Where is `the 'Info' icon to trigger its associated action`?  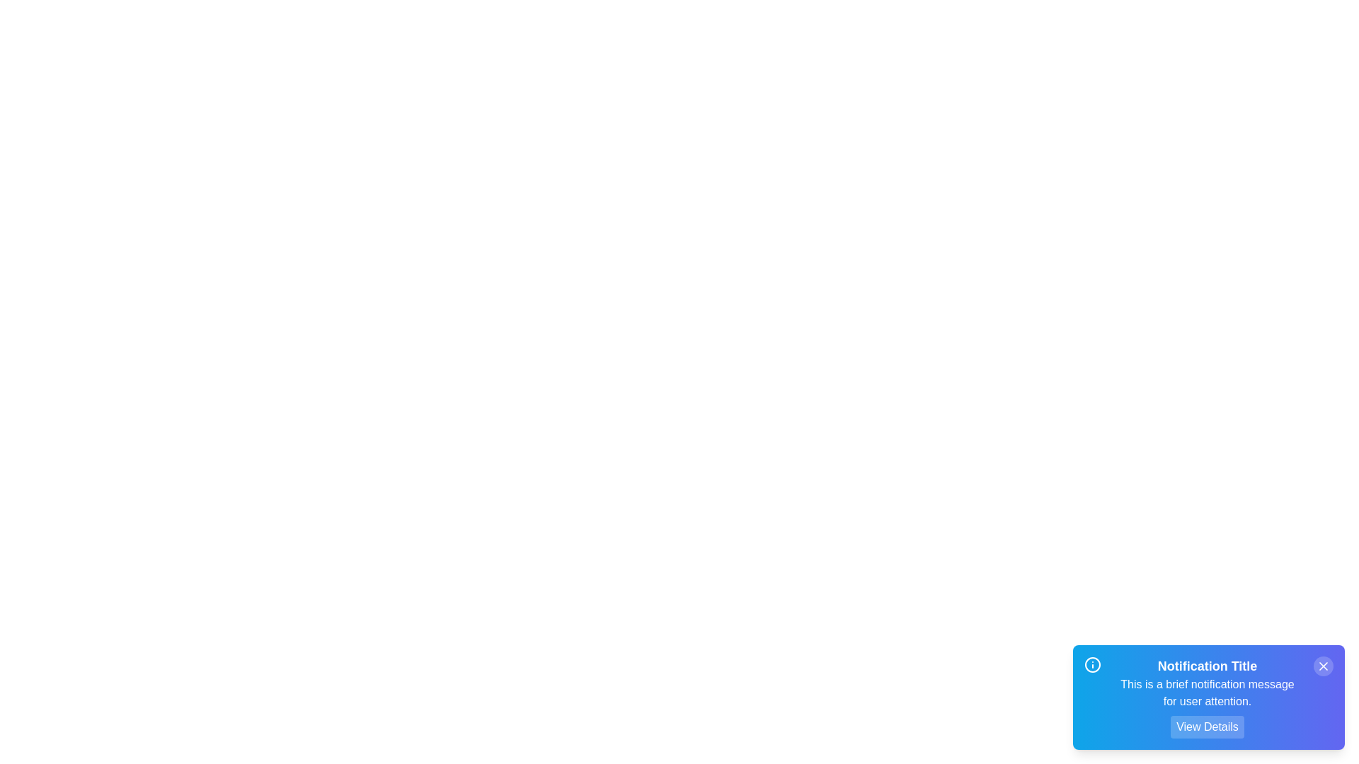
the 'Info' icon to trigger its associated action is located at coordinates (1092, 665).